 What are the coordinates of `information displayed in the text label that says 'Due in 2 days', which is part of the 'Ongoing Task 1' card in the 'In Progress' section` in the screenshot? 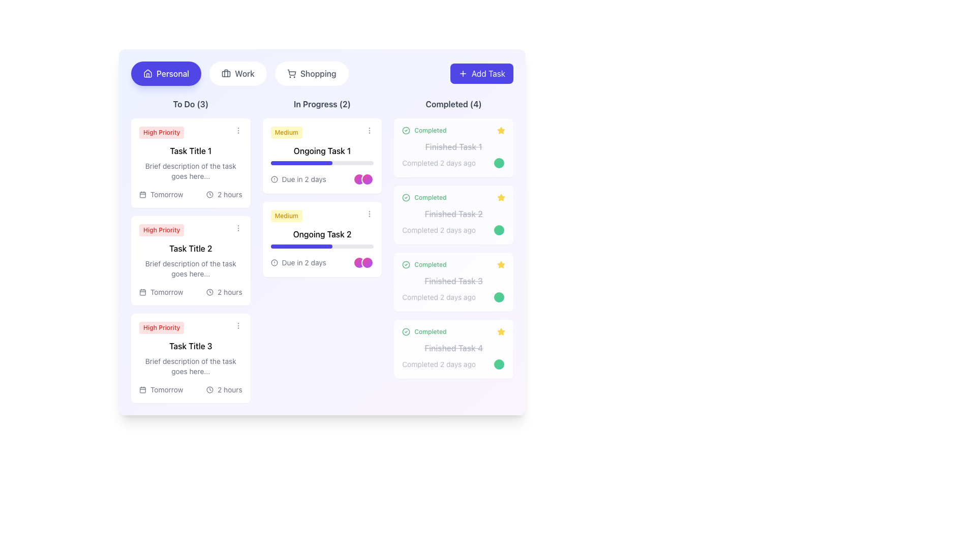 It's located at (303, 179).